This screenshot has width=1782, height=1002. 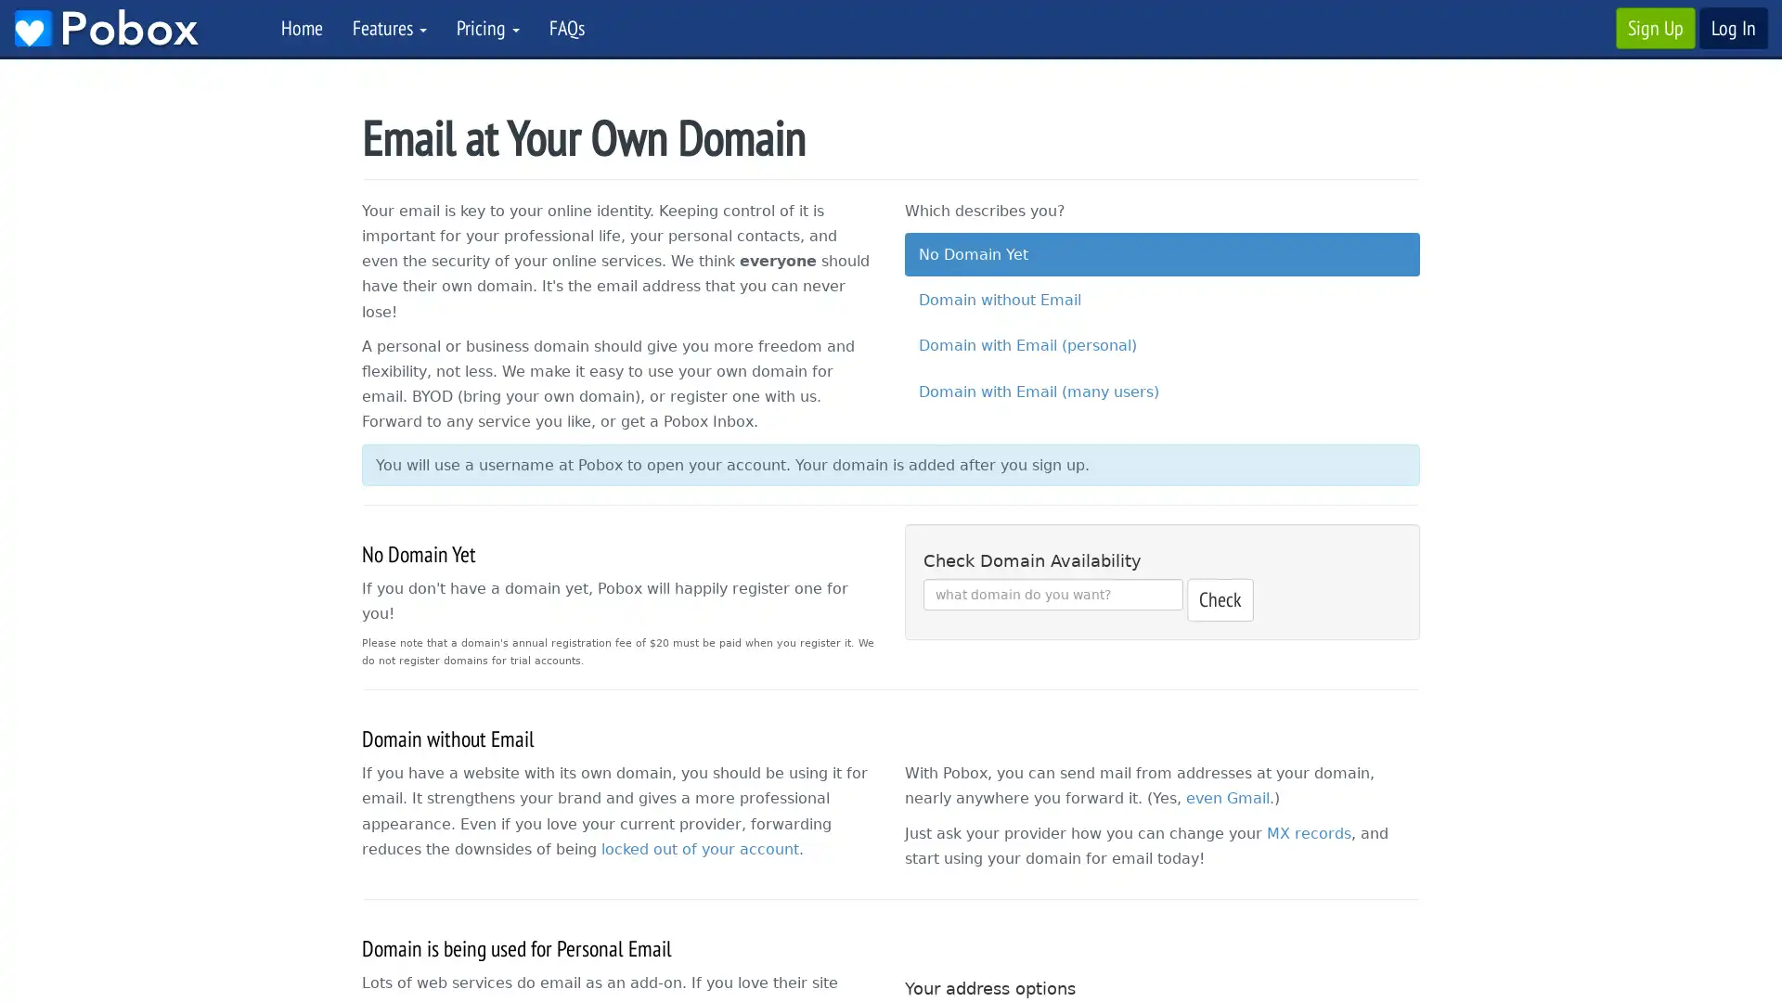 What do you see at coordinates (1220, 599) in the screenshot?
I see `Check` at bounding box center [1220, 599].